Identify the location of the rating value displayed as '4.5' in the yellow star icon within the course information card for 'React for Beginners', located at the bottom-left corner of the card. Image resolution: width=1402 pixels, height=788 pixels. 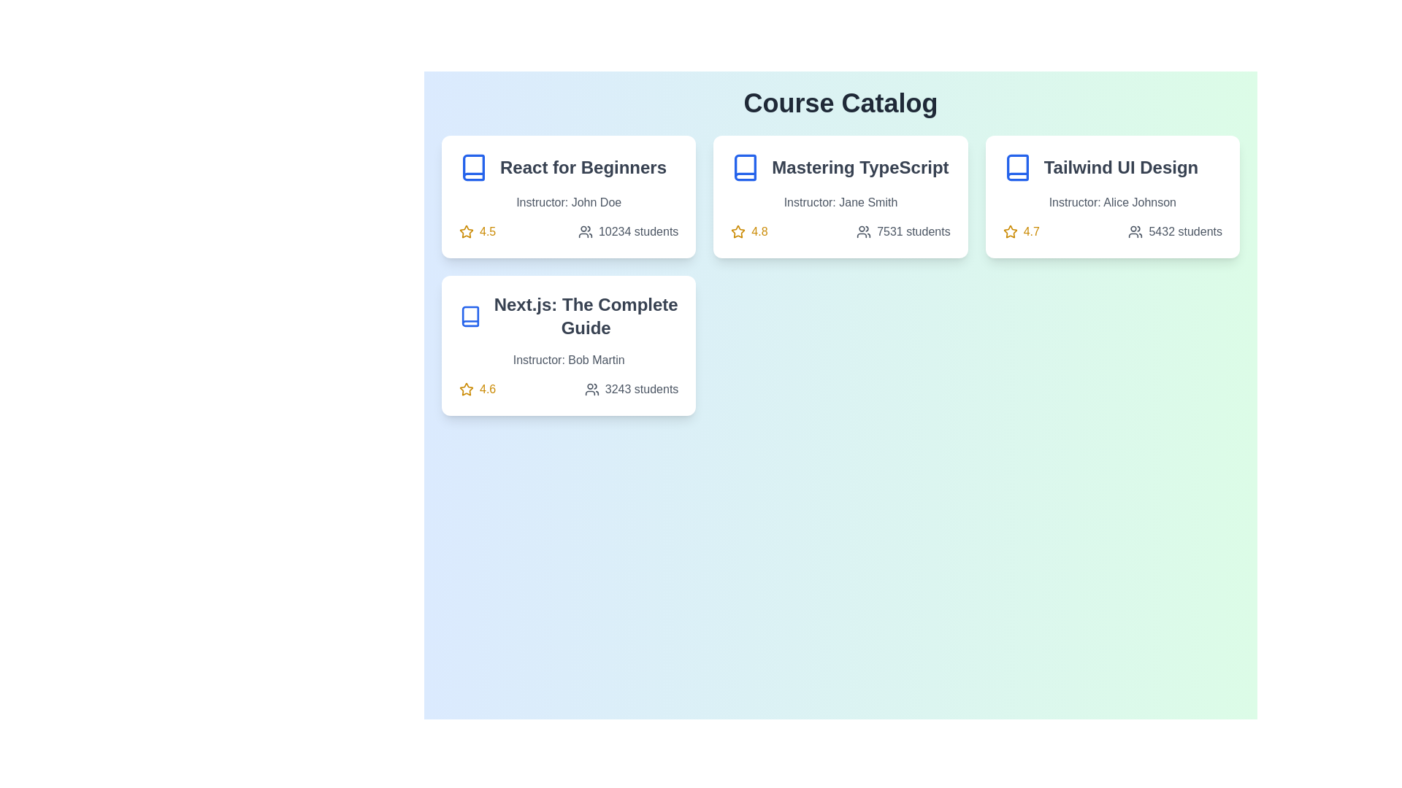
(478, 231).